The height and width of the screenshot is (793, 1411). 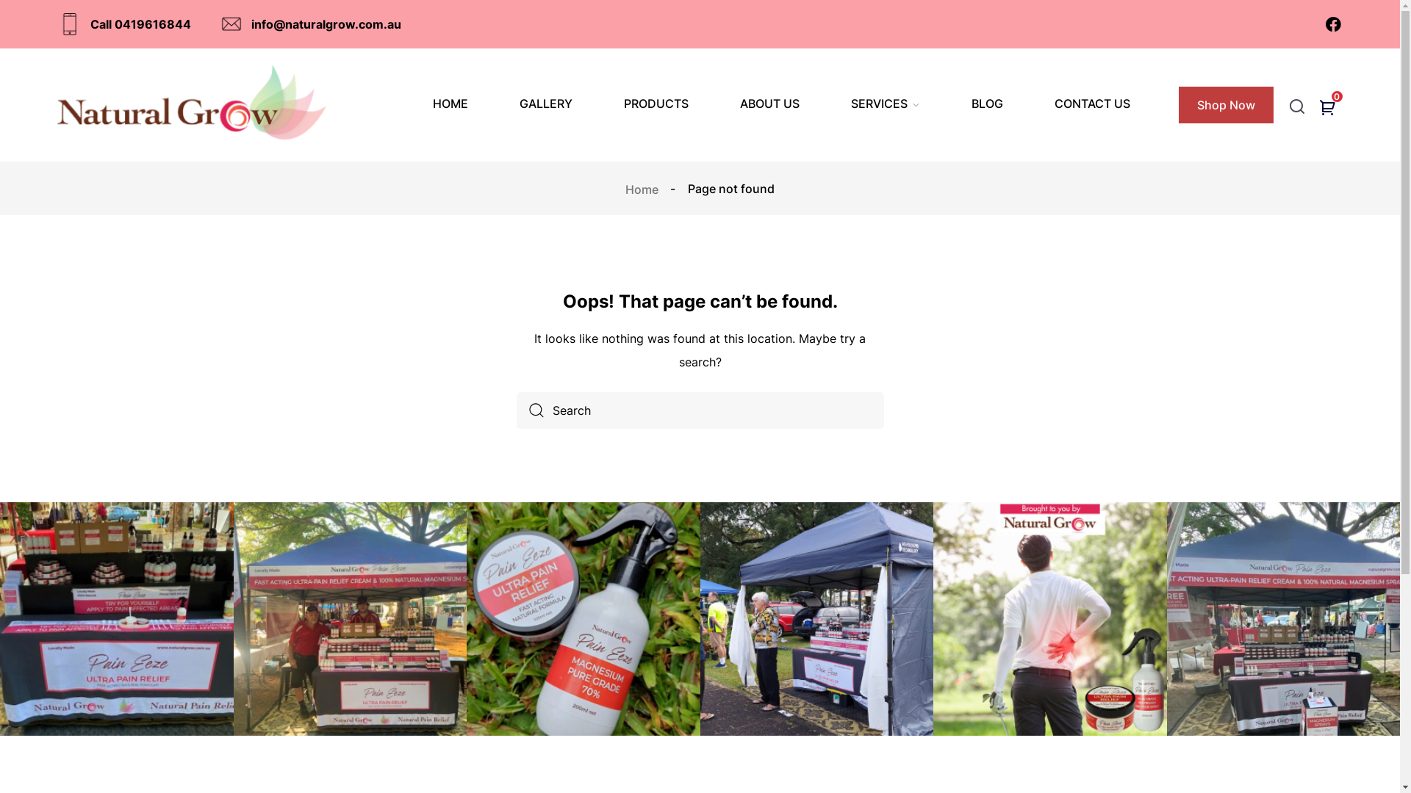 I want to click on 'GALLERY', so click(x=519, y=103).